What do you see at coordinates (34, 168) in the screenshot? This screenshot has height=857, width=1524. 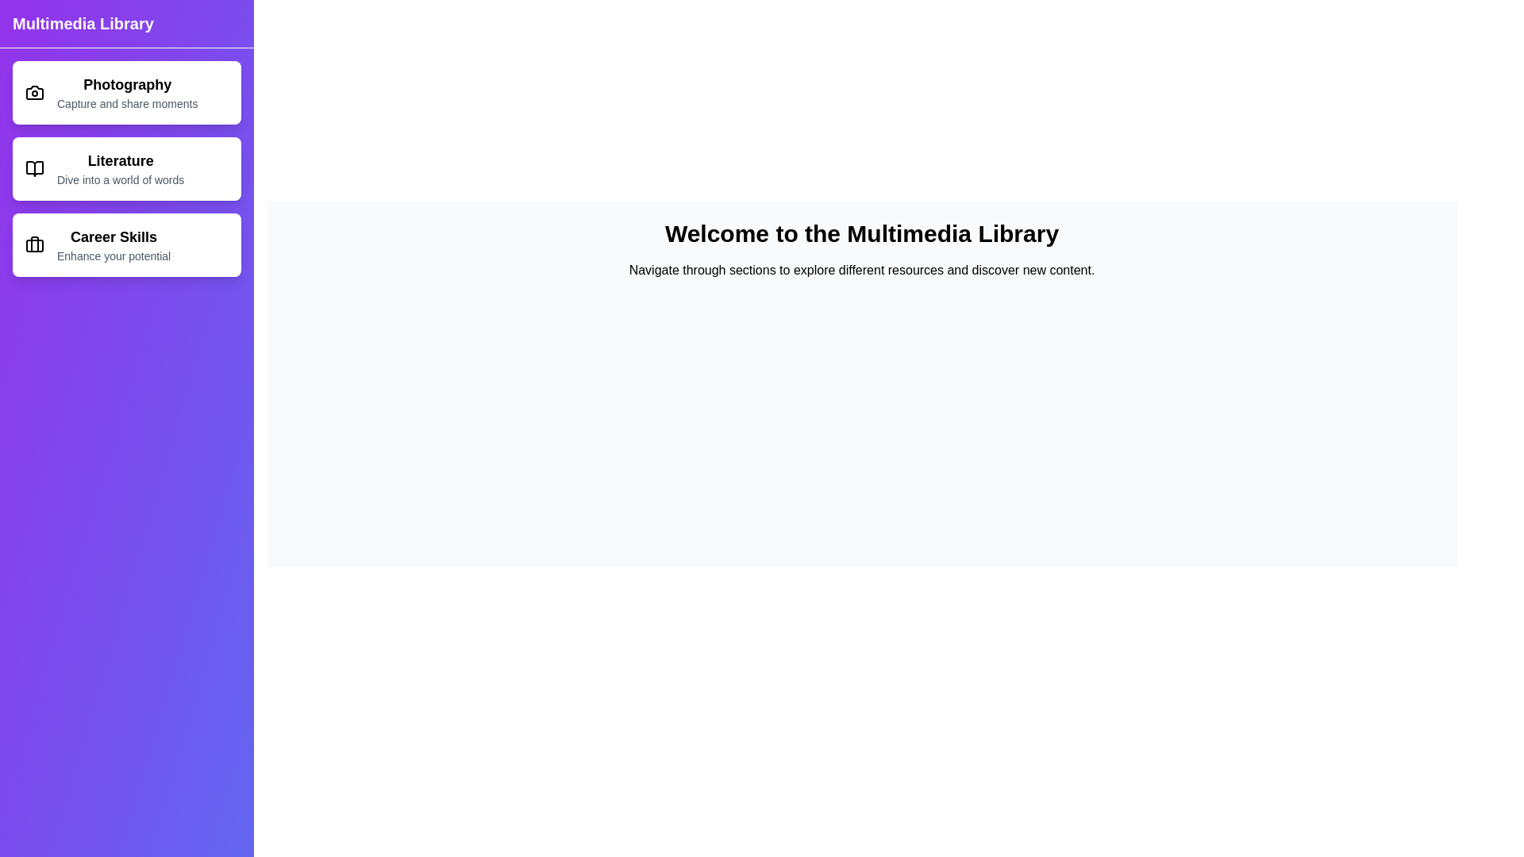 I see `the icon of the Literature section` at bounding box center [34, 168].